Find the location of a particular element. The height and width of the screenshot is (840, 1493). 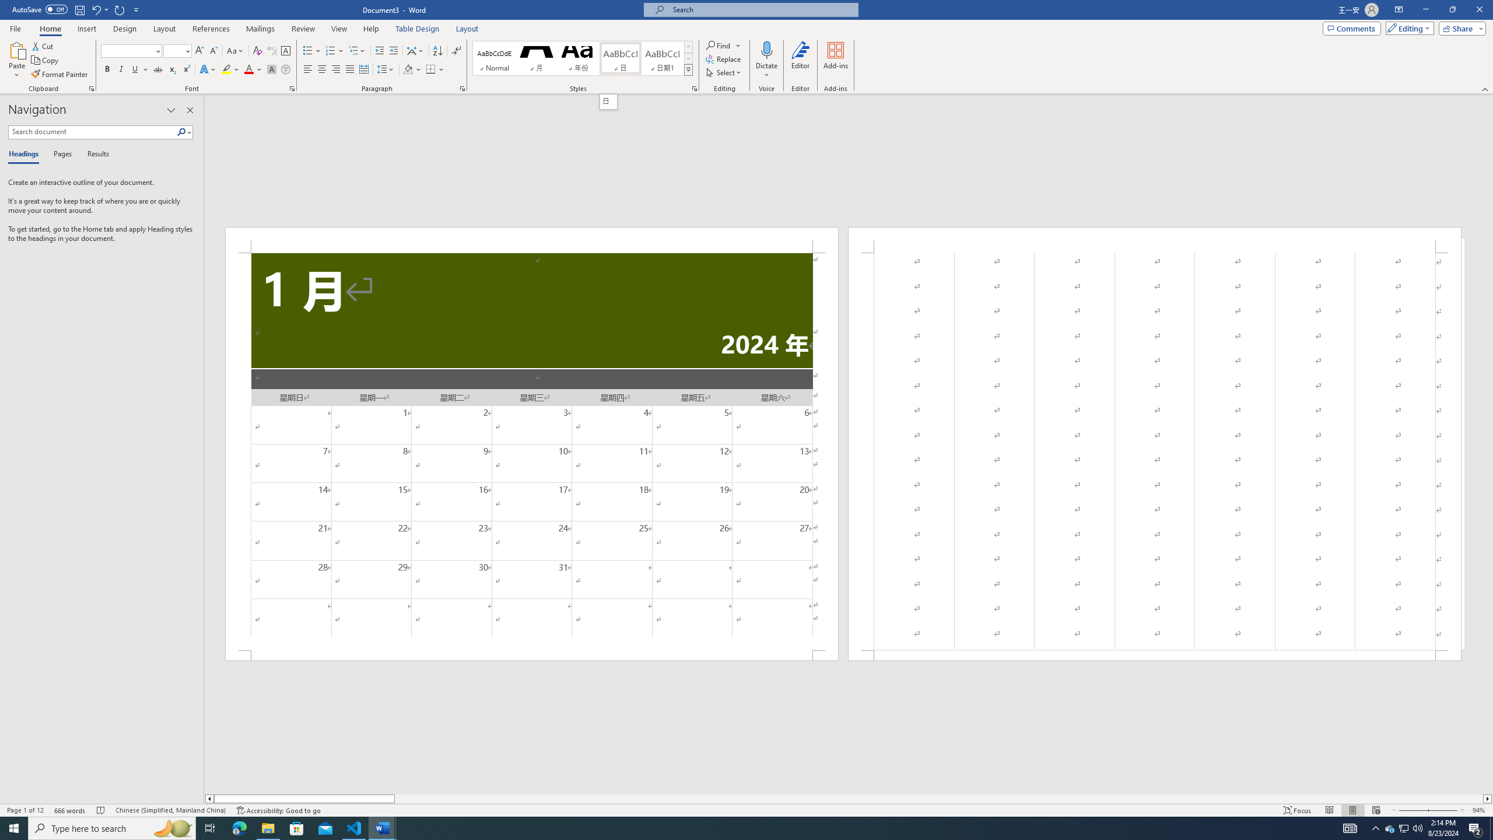

'Spelling and Grammar Check No Errors' is located at coordinates (101, 810).